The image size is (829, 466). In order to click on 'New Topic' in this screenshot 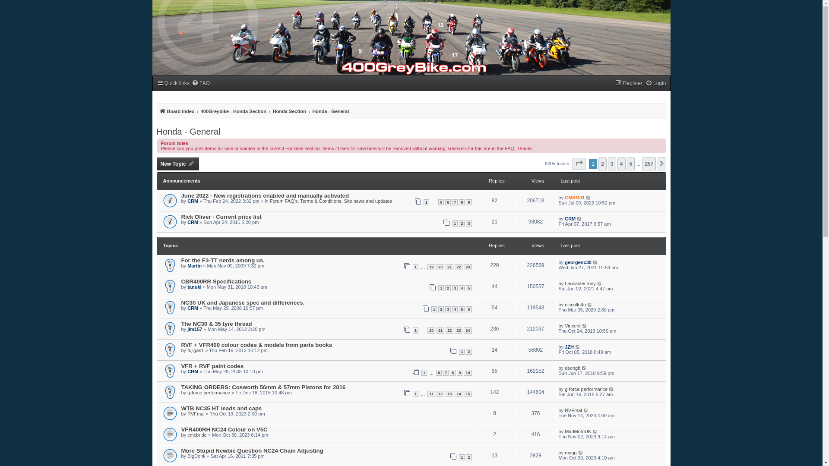, I will do `click(177, 164)`.